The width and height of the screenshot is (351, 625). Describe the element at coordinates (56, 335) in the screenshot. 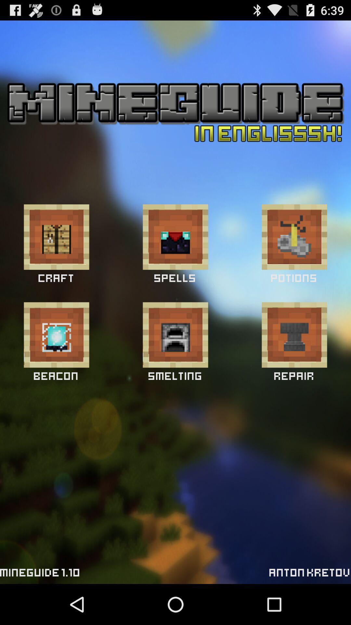

I see `open beacon menu item` at that location.